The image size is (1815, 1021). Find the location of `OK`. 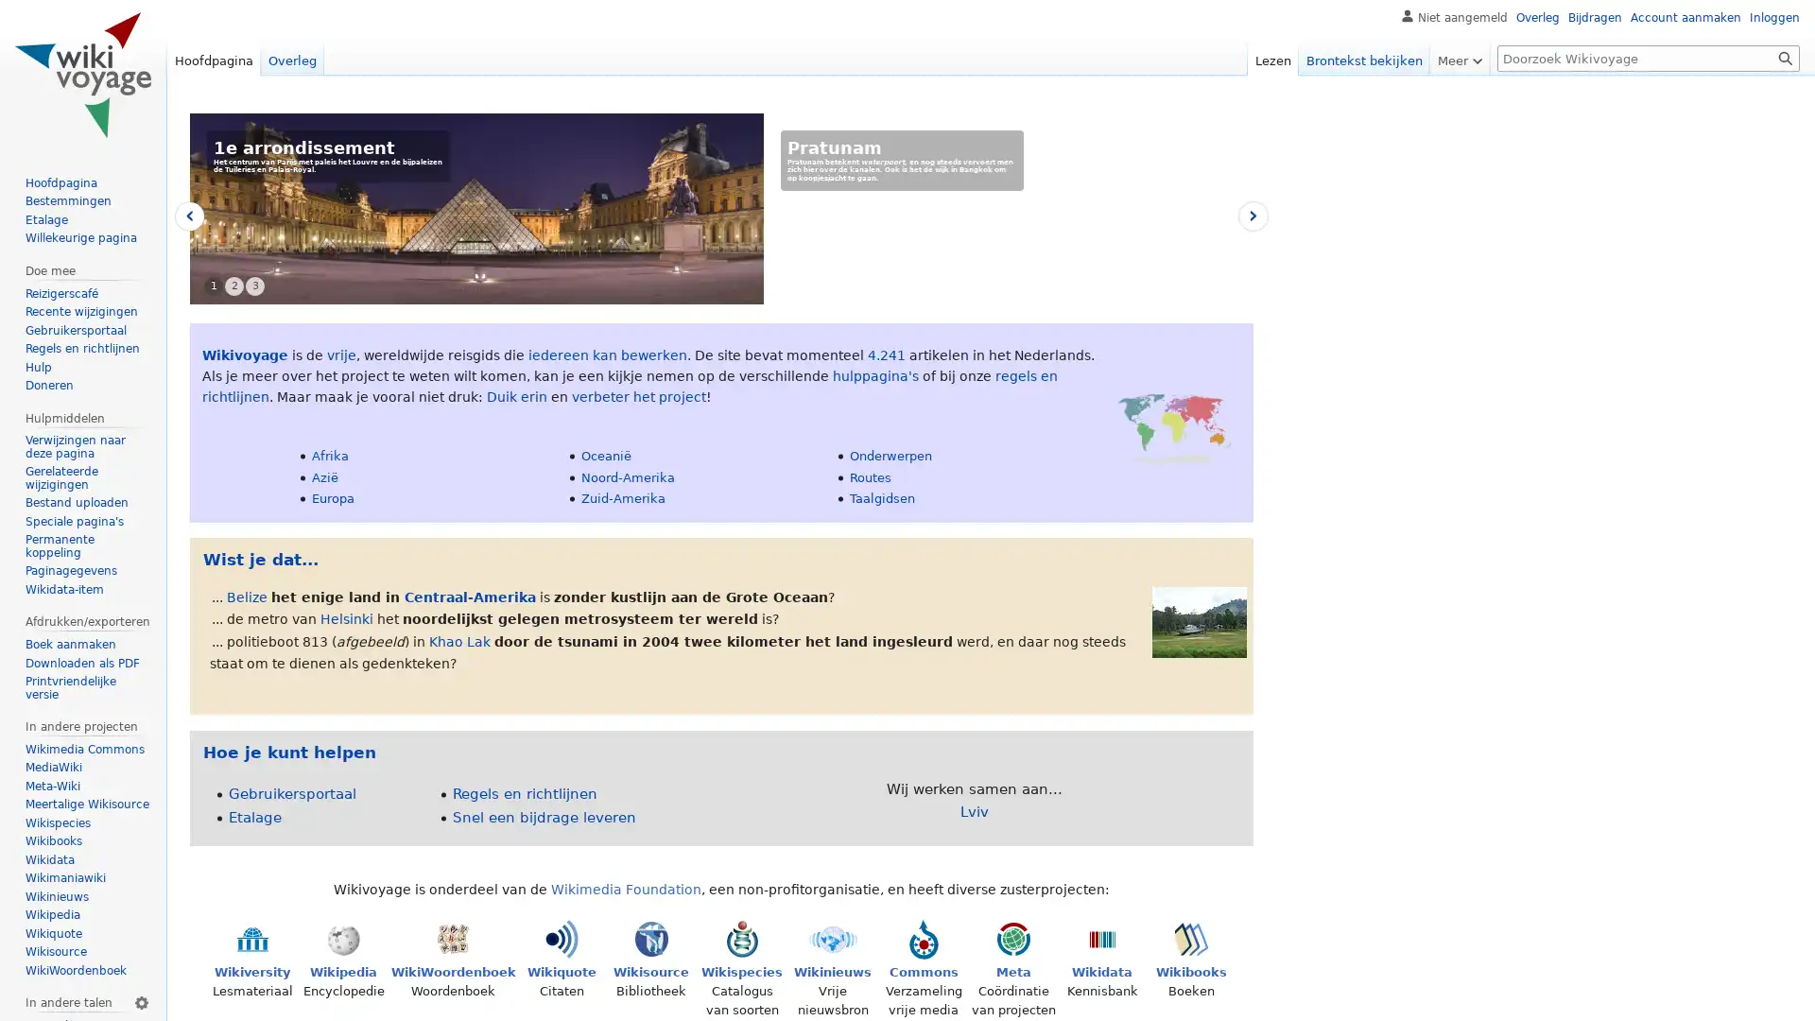

OK is located at coordinates (1785, 57).